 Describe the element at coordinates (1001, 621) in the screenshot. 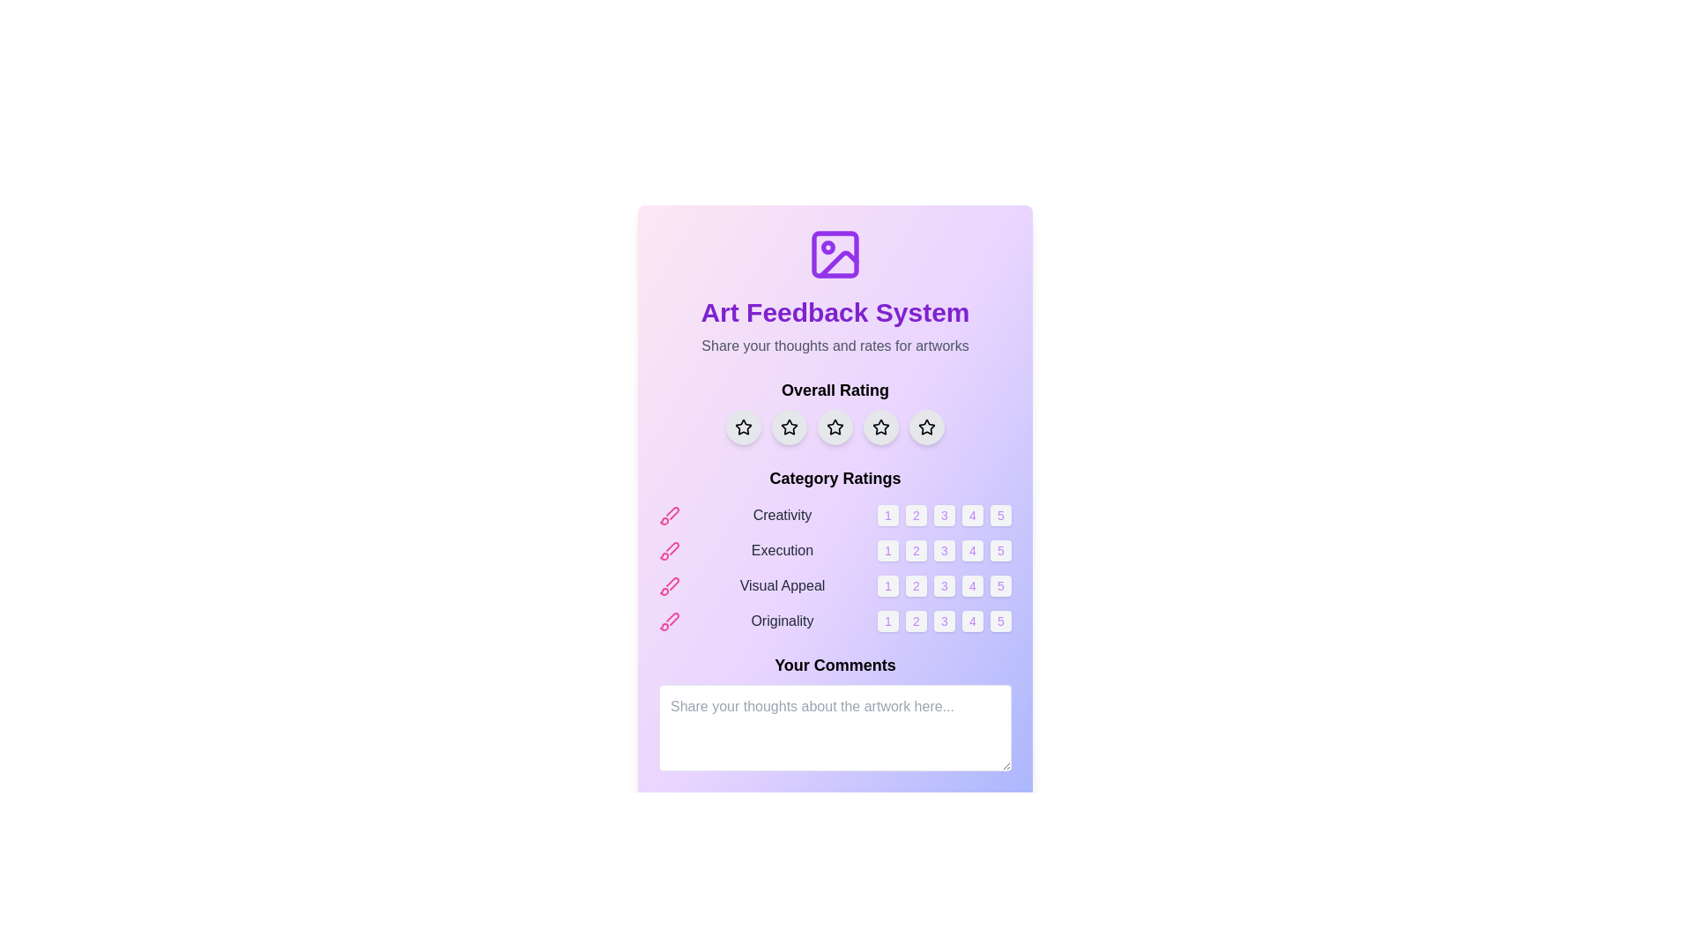

I see `the rightmost button for rating originality, which is the fifth button in the 'Originality' category under 'Category Ratings'` at that location.